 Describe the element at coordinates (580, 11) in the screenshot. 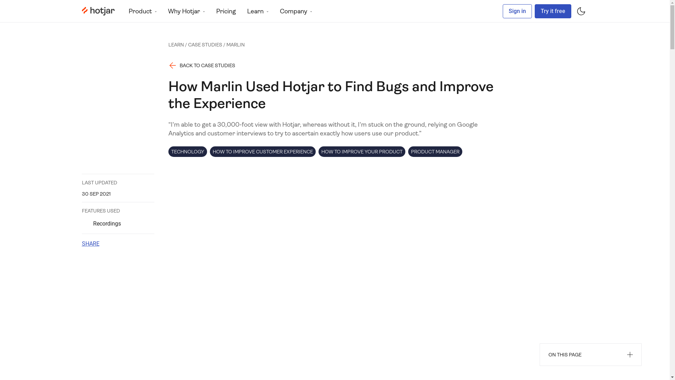

I see `'Toggle dark mode'` at that location.